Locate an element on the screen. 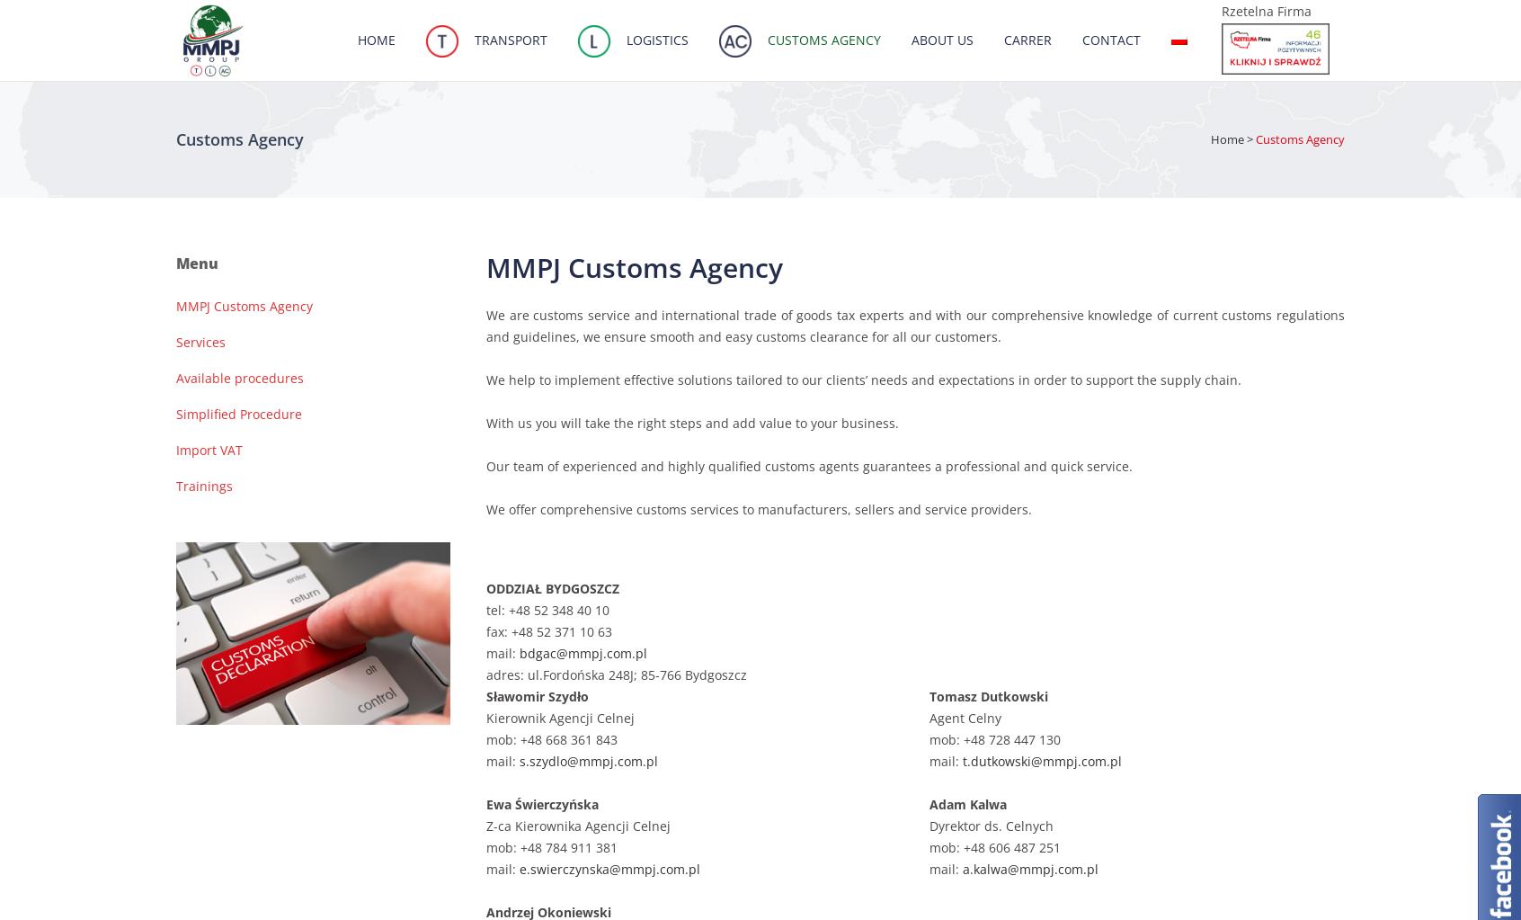 Image resolution: width=1521 pixels, height=920 pixels. 'mob: +48 668 361 843' is located at coordinates (551, 739).